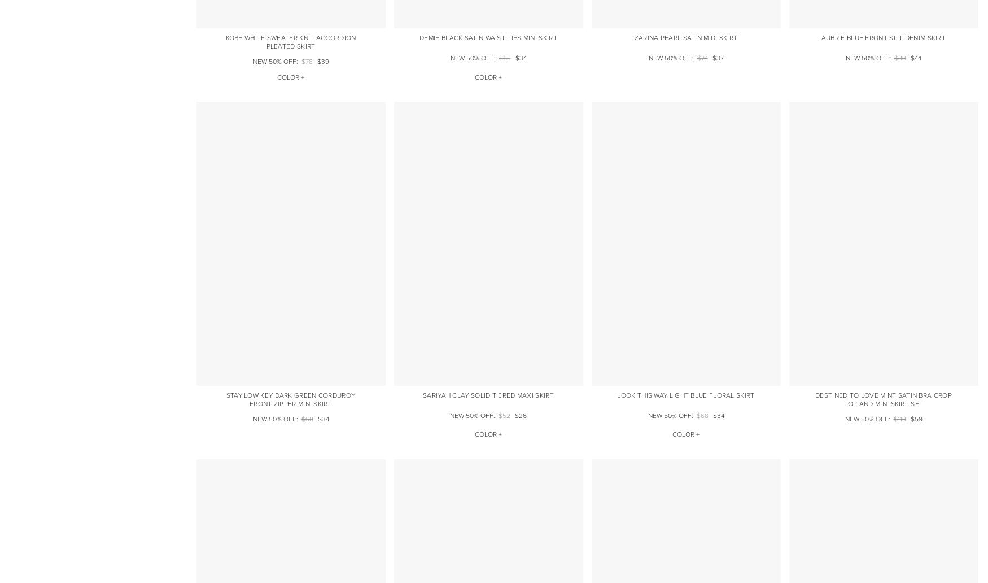  What do you see at coordinates (300, 62) in the screenshot?
I see `'$78'` at bounding box center [300, 62].